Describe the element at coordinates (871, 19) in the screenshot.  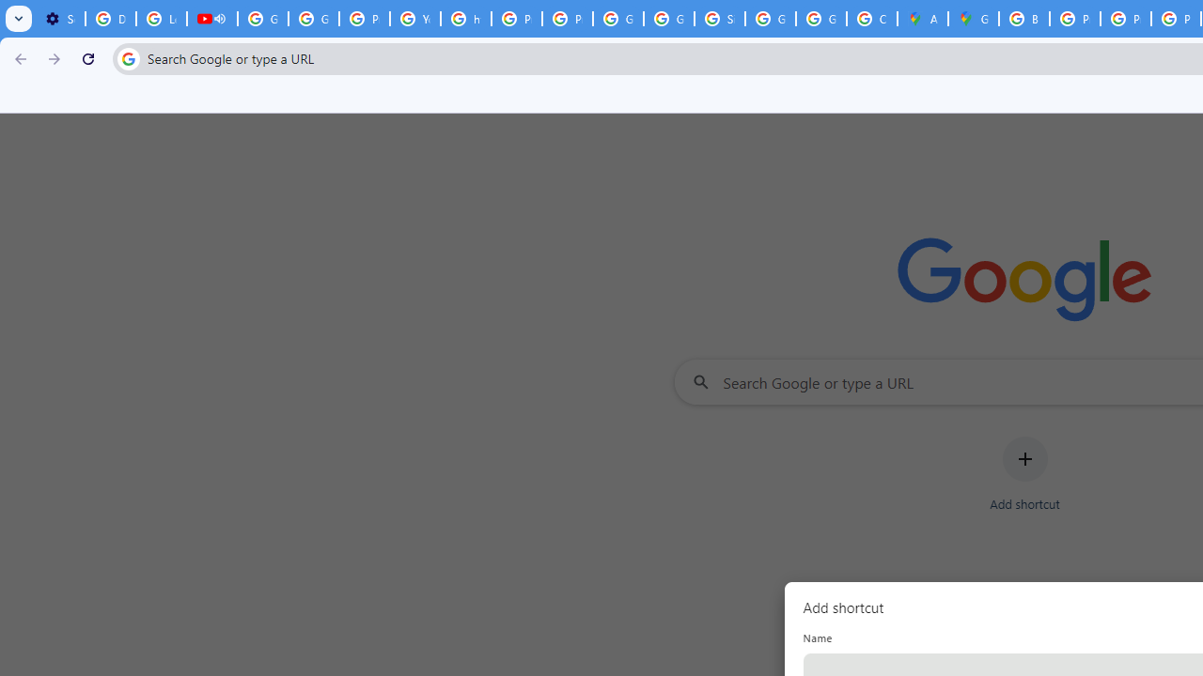
I see `'Create your Google Account'` at that location.